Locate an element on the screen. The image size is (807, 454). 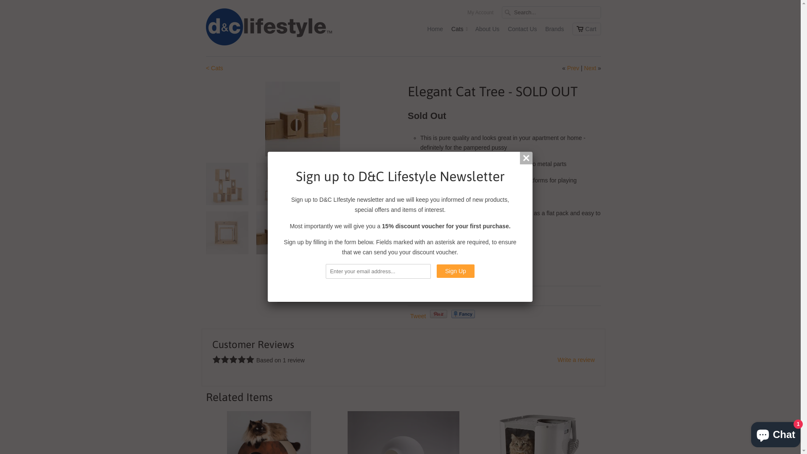
'Fancy' is located at coordinates (463, 314).